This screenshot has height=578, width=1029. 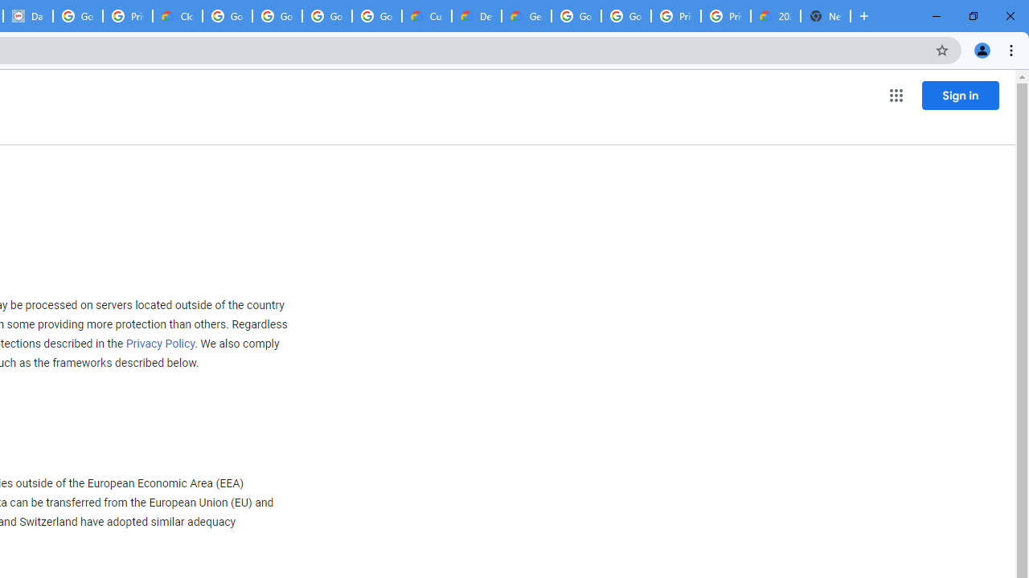 What do you see at coordinates (326, 16) in the screenshot?
I see `'Google Workspace - Specific Terms'` at bounding box center [326, 16].